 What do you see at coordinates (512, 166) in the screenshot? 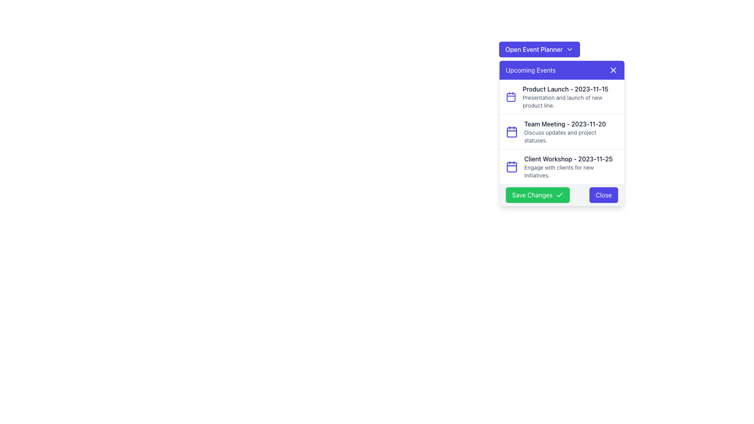
I see `the calendar icon representing the event date for the 'Client Workshop - 2023-11-25' in the 'Upcoming Events' panel` at bounding box center [512, 166].